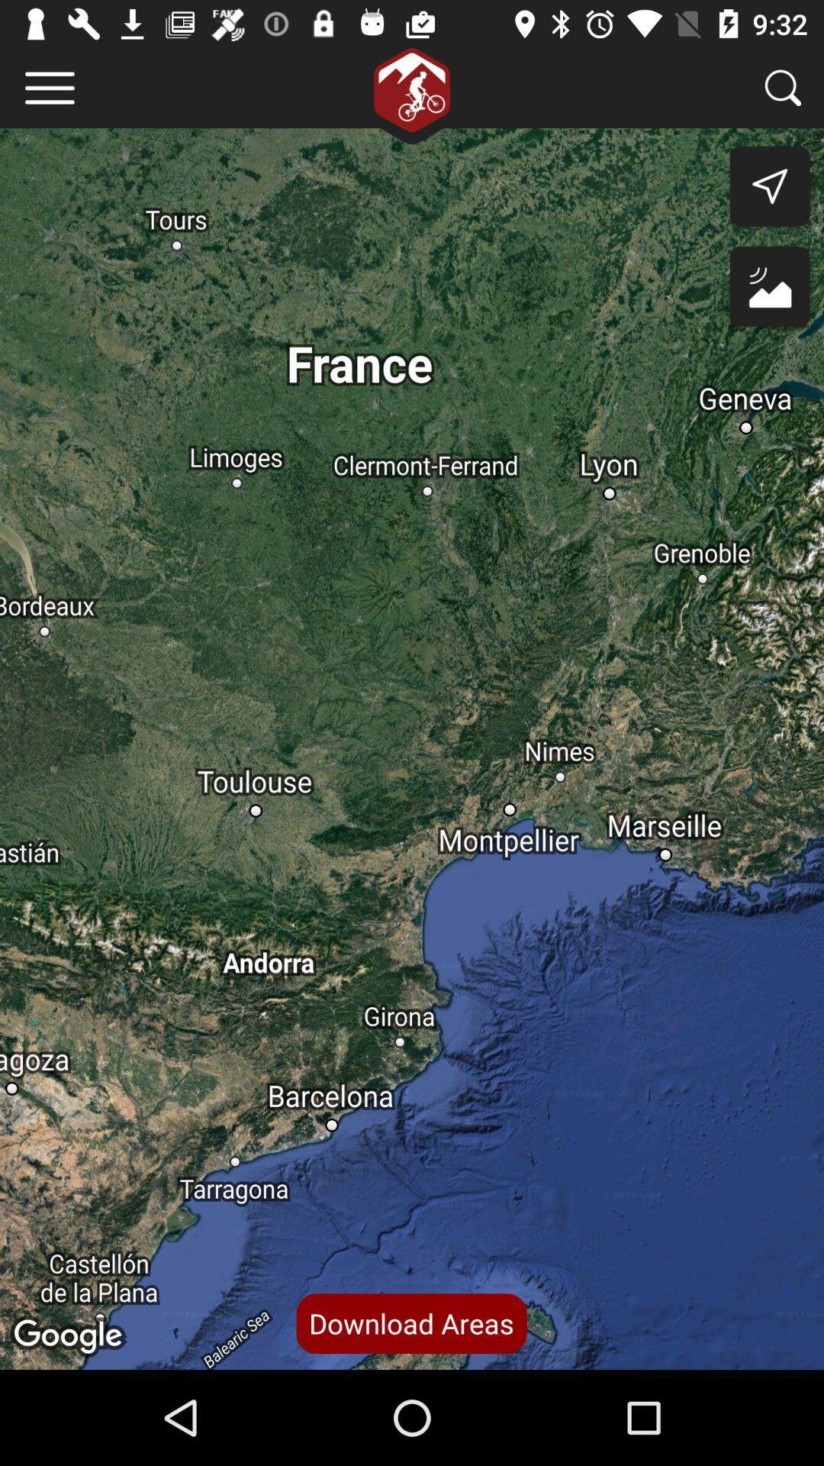 The width and height of the screenshot is (824, 1466). What do you see at coordinates (49, 87) in the screenshot?
I see `item at the top left corner` at bounding box center [49, 87].